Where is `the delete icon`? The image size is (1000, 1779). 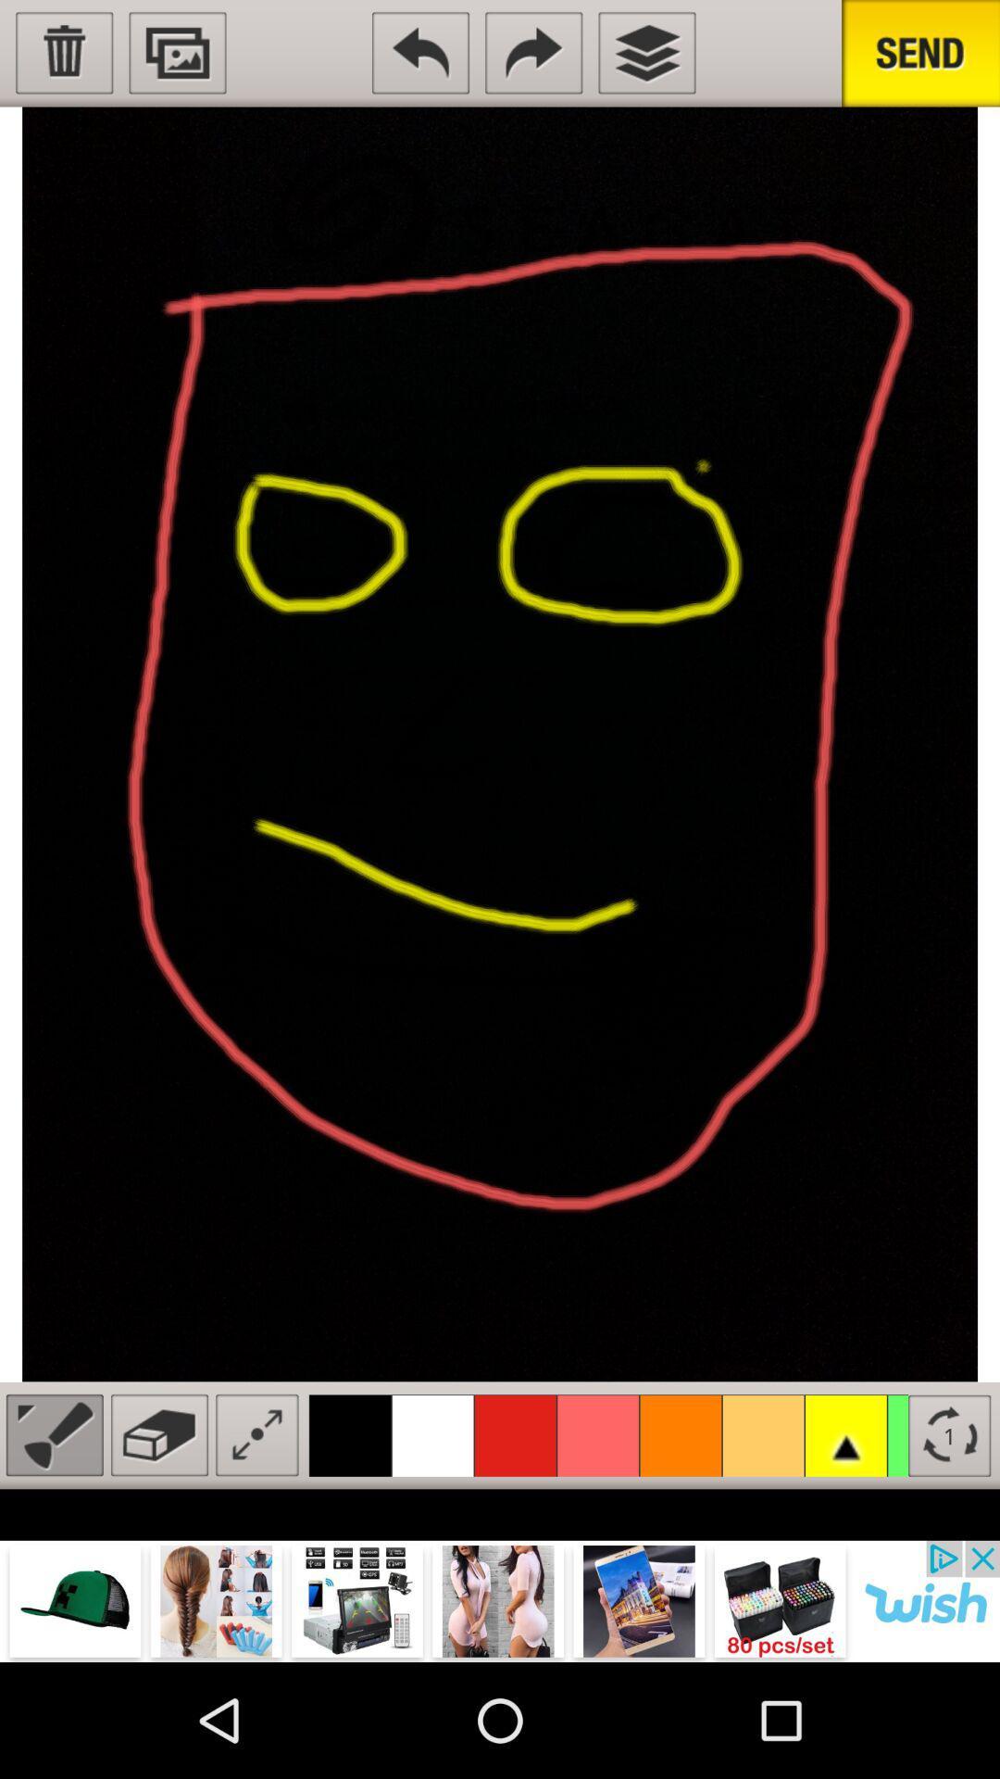
the delete icon is located at coordinates (158, 1434).